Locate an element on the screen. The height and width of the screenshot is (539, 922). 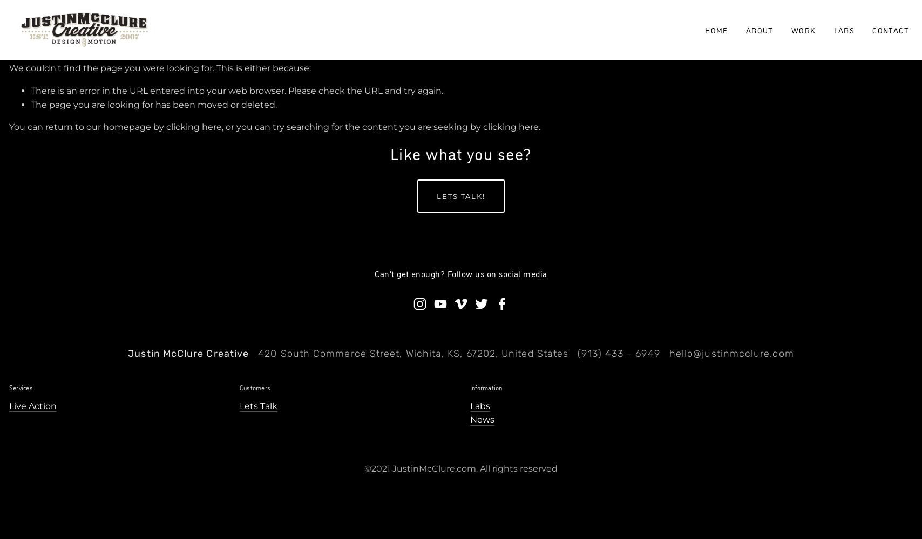
'We couldn't find the page you were looking for. This is either because:' is located at coordinates (160, 68).